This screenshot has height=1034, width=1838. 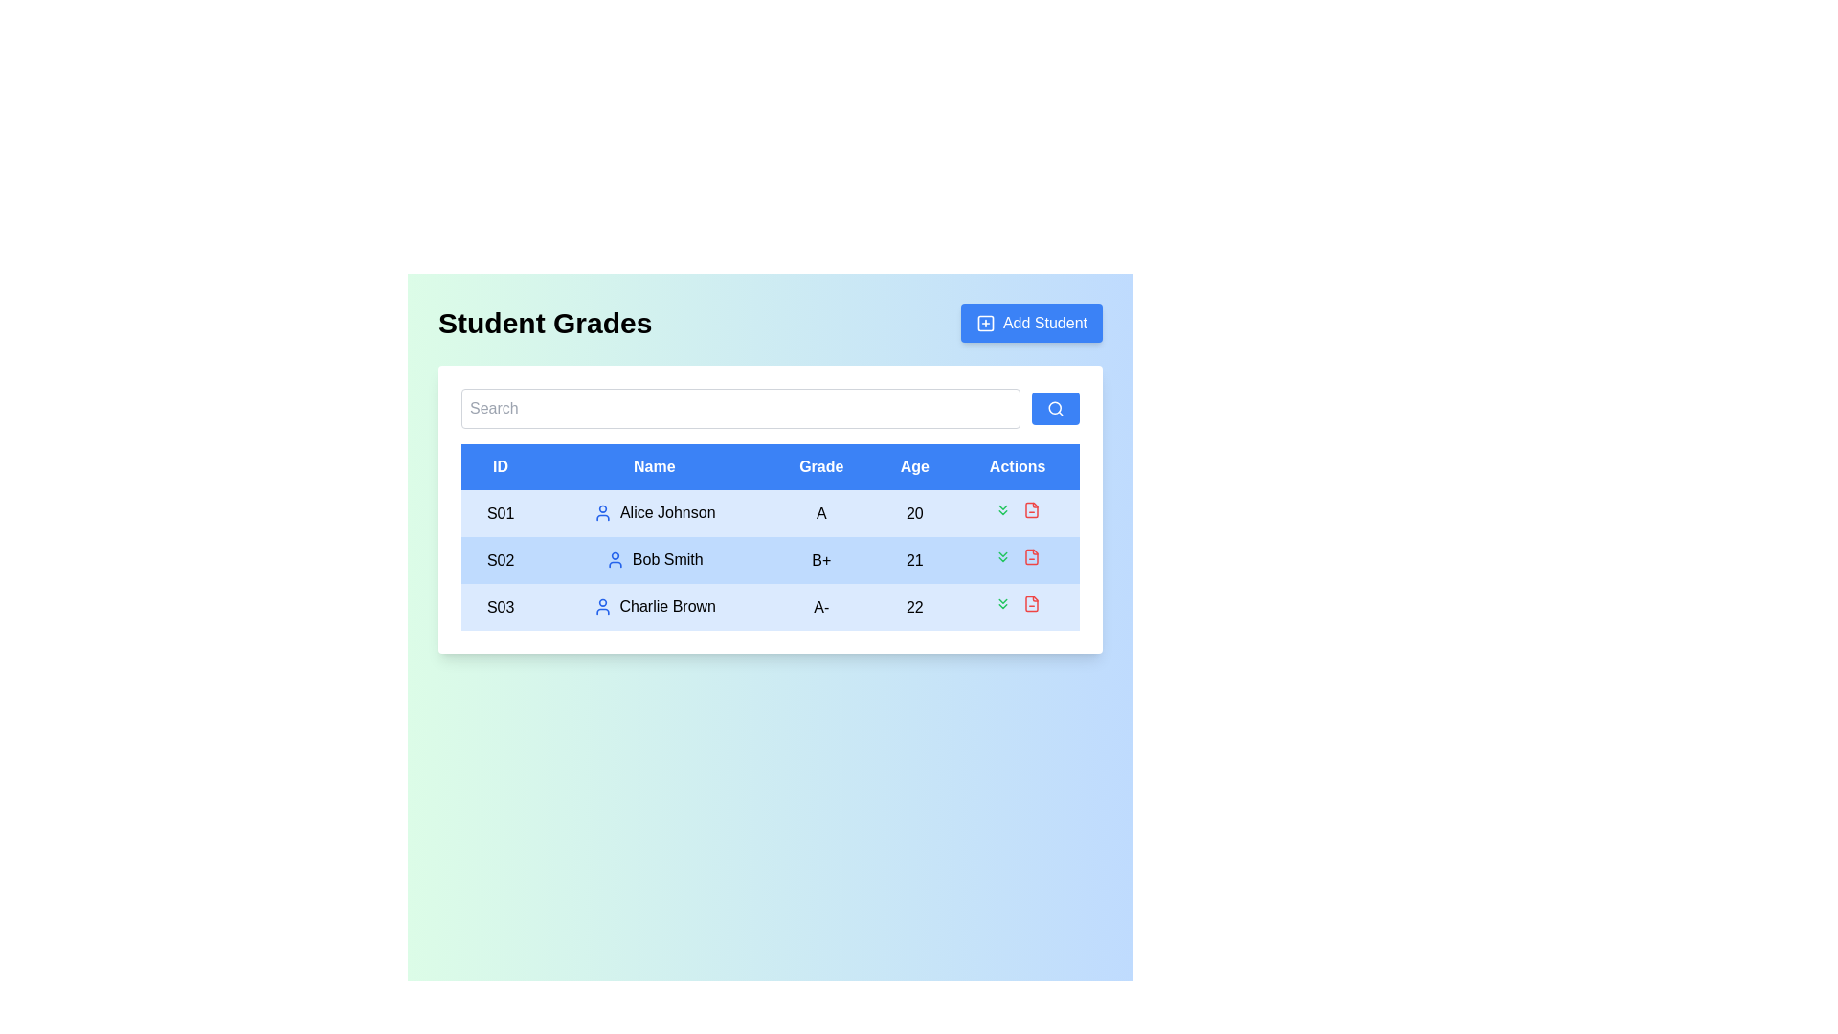 I want to click on value from the table cell displaying the number '22', which is styled in bold font and located in the 'Age' column of the third row under the header 'Age', so click(x=913, y=607).